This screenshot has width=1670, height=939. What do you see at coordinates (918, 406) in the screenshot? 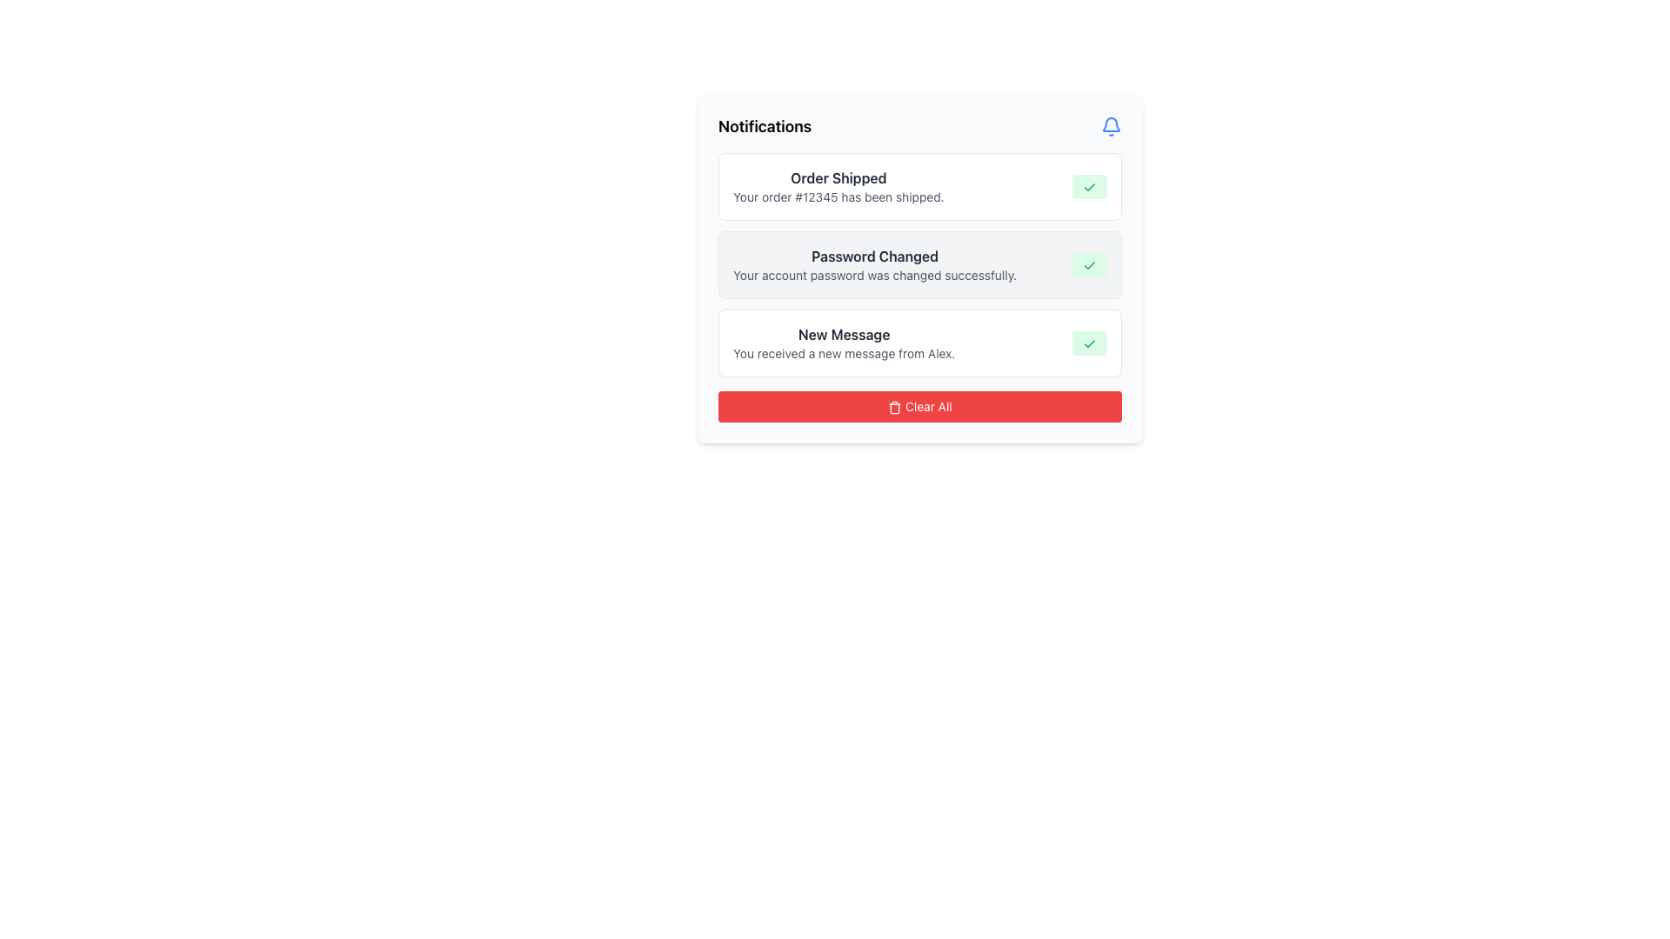
I see `the clear notifications button located at the bottom of the notification panel to trigger a background color change` at bounding box center [918, 406].